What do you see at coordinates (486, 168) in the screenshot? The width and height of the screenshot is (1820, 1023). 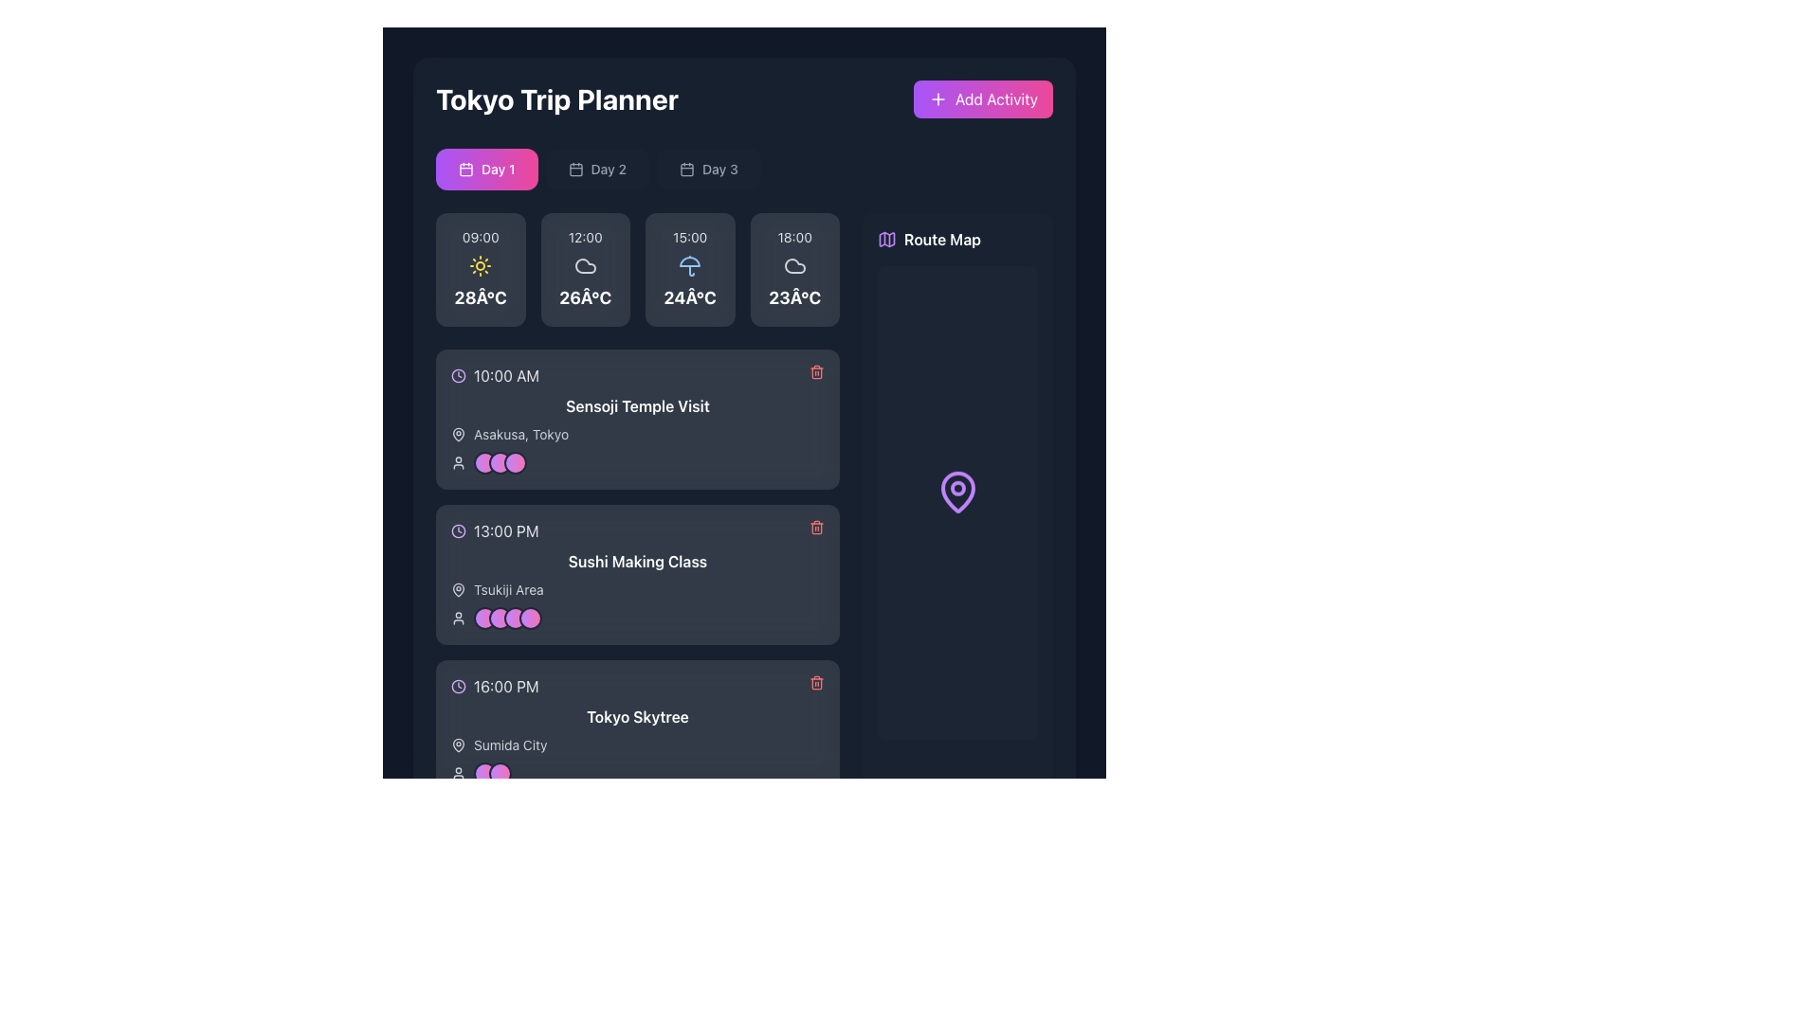 I see `the rounded rectangular button with a gradient from purple to pink, featuring a calendar icon and white text` at bounding box center [486, 168].